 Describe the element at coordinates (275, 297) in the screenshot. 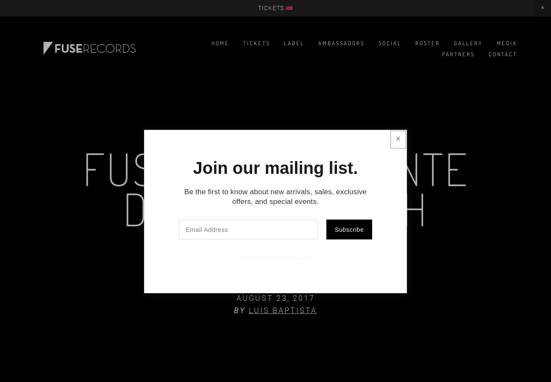

I see `'August 23, 2017'` at that location.